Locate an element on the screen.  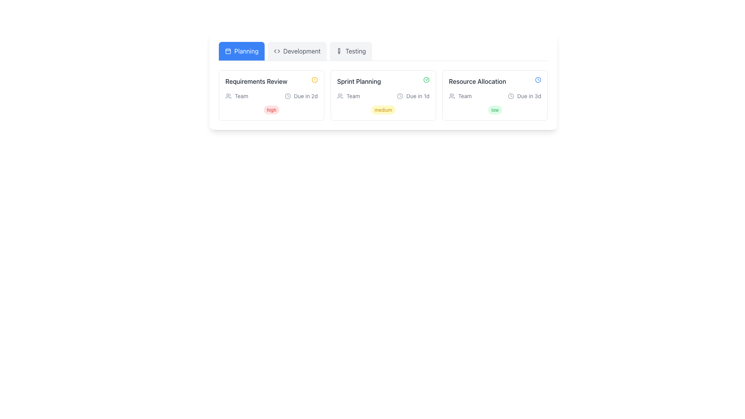
the Icon with a descriptive label indicating the team or group associated with the Requirements Review card under the Planning tab, located towards the top-left of the interface, preceding the 'Due in 2d' label is located at coordinates (236, 95).